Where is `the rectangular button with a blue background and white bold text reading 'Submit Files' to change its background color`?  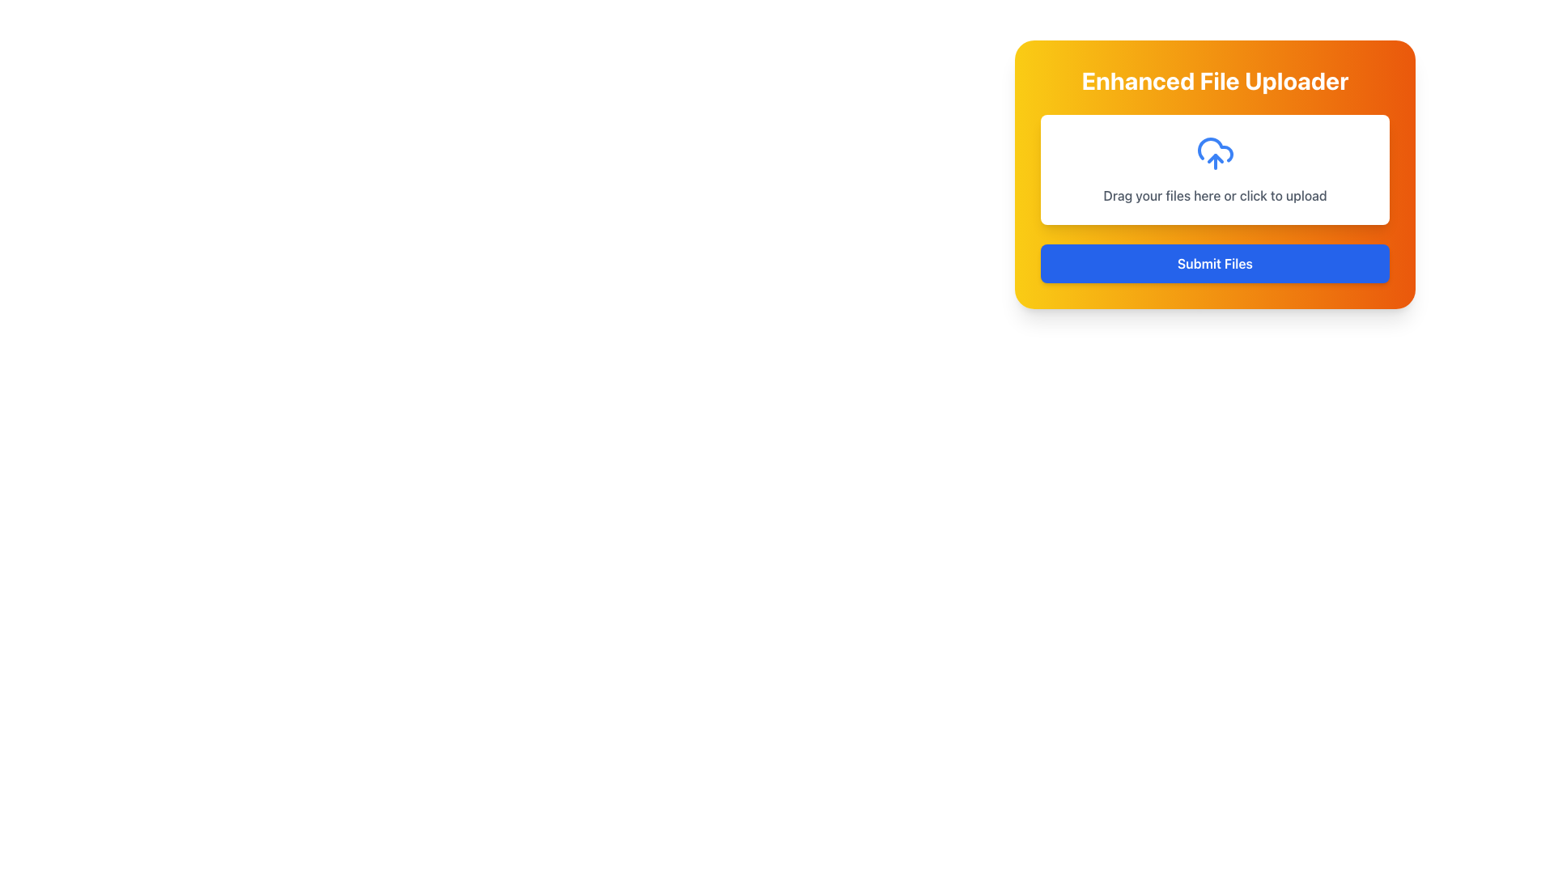
the rectangular button with a blue background and white bold text reading 'Submit Files' to change its background color is located at coordinates (1215, 263).